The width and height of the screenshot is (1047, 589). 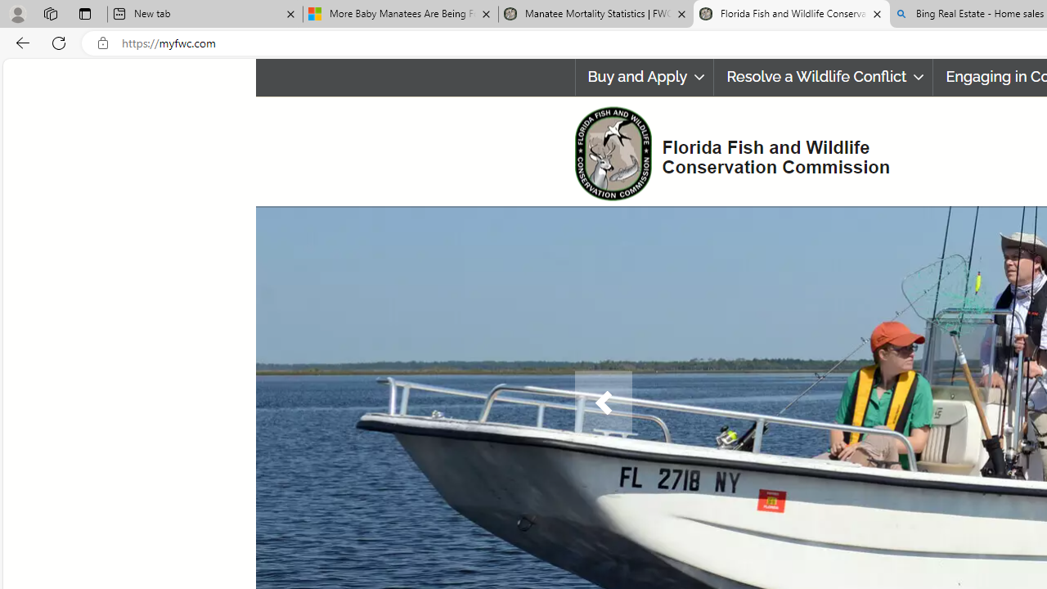 What do you see at coordinates (643, 77) in the screenshot?
I see `'Buy and Apply'` at bounding box center [643, 77].